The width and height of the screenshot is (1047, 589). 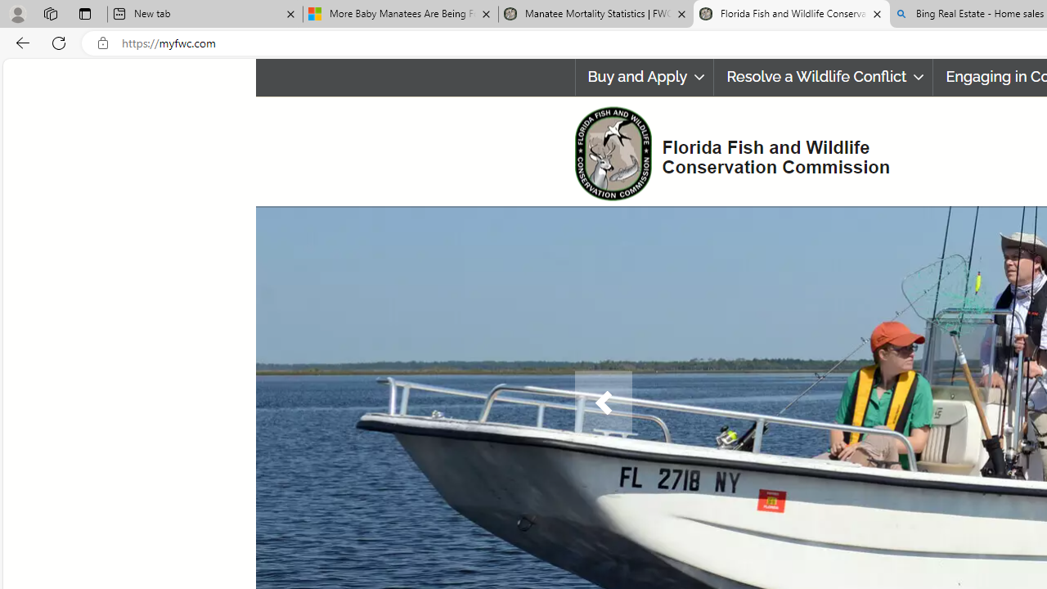 What do you see at coordinates (643, 77) in the screenshot?
I see `'Buy and Apply'` at bounding box center [643, 77].